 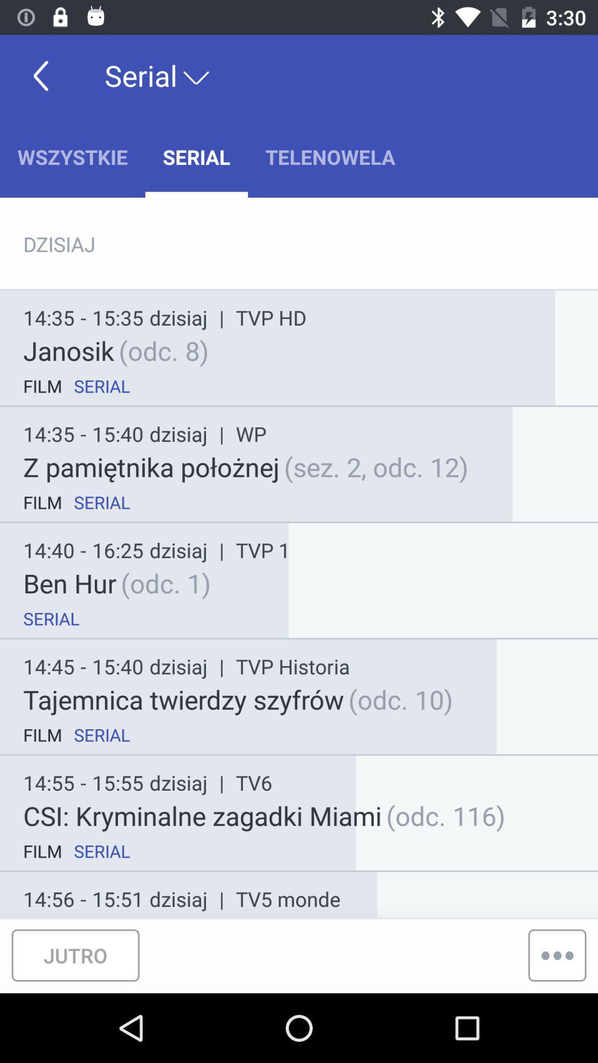 I want to click on the more icon, so click(x=557, y=954).